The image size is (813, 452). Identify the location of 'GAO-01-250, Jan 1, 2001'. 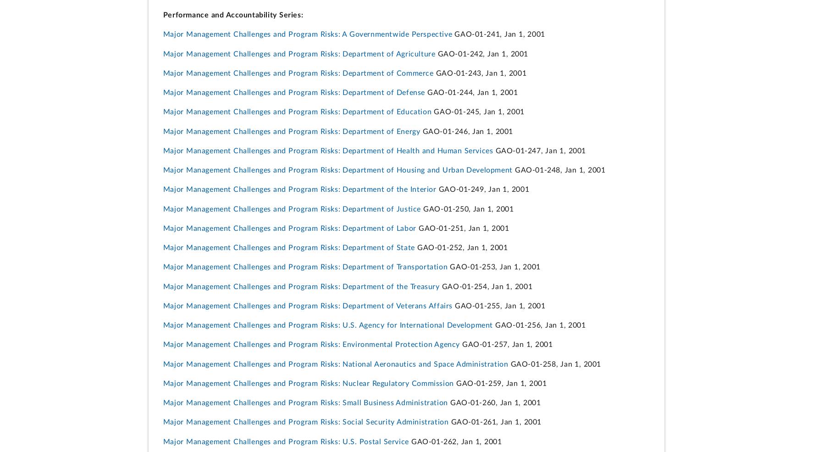
(466, 208).